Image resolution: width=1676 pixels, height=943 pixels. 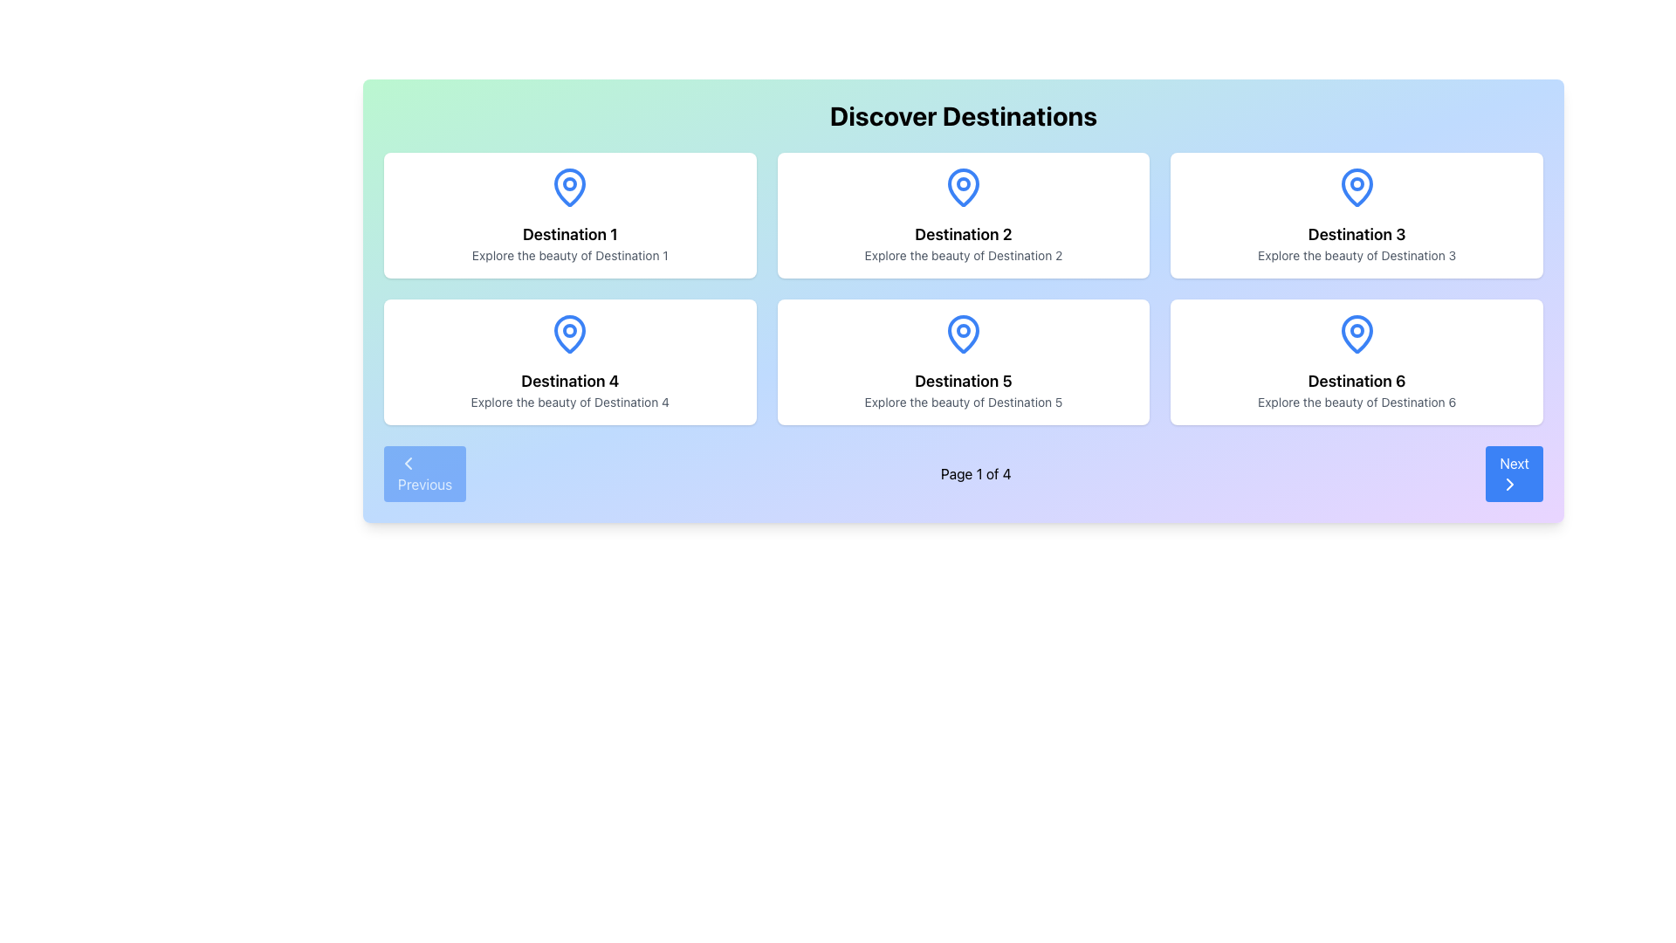 What do you see at coordinates (963, 334) in the screenshot?
I see `the icon that serves as a visual indicator for the destination labeled 'Destination 5' in the 'Discover Destinations' section` at bounding box center [963, 334].